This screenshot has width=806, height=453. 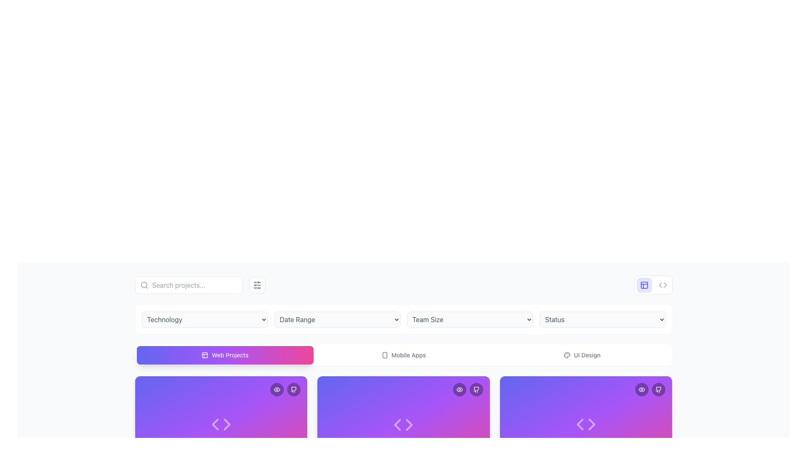 I want to click on the right-facing arrow icon in the navigation controls on the third card from the left, so click(x=409, y=424).